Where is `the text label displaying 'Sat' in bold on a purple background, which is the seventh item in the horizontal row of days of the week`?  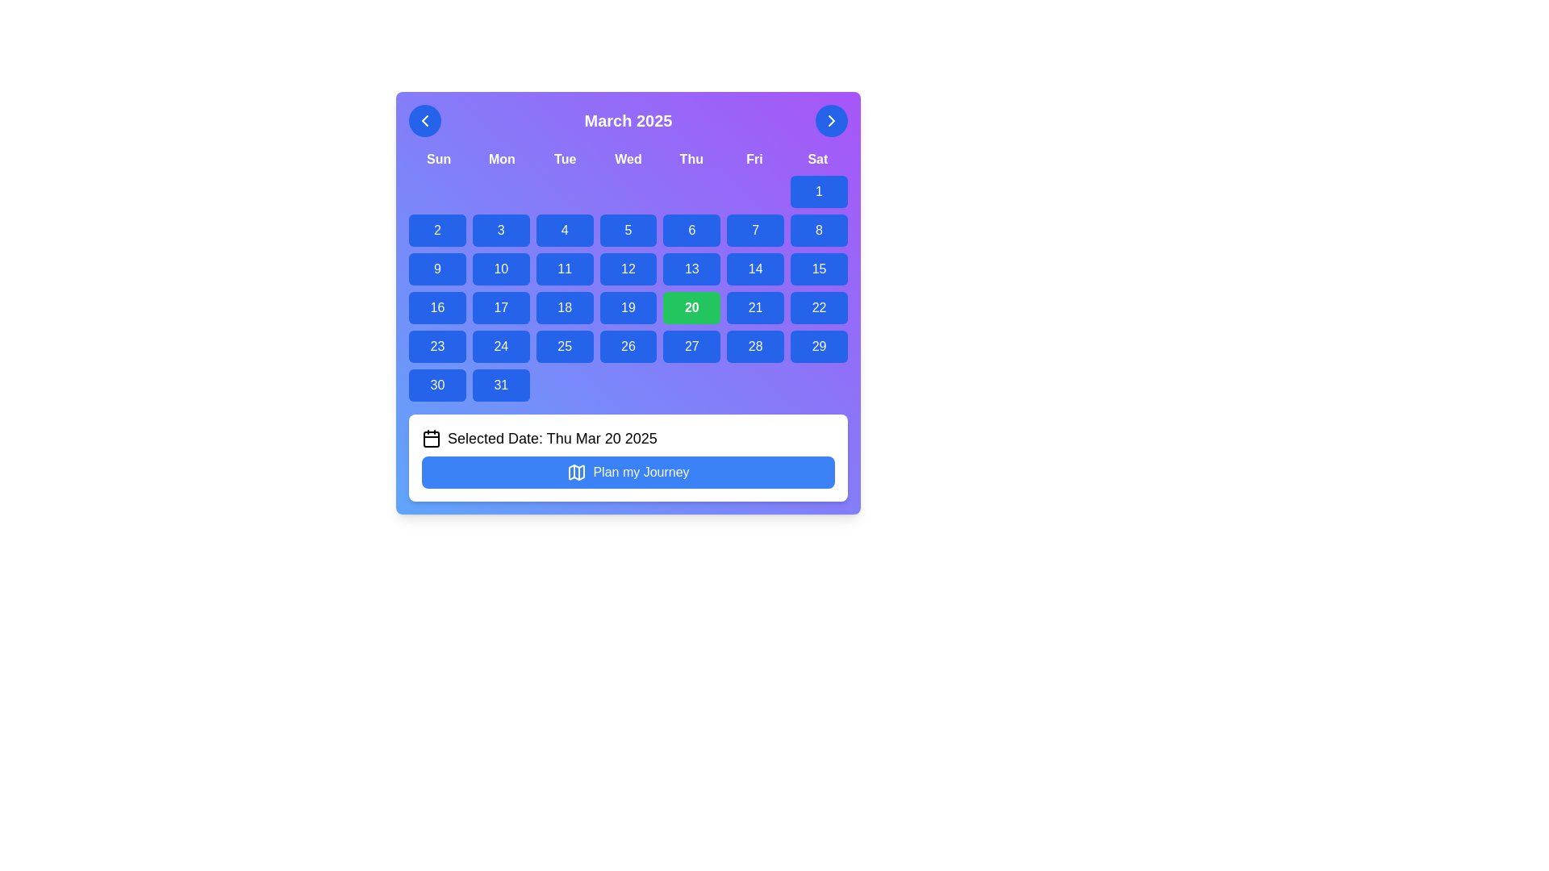
the text label displaying 'Sat' in bold on a purple background, which is the seventh item in the horizontal row of days of the week is located at coordinates (817, 159).